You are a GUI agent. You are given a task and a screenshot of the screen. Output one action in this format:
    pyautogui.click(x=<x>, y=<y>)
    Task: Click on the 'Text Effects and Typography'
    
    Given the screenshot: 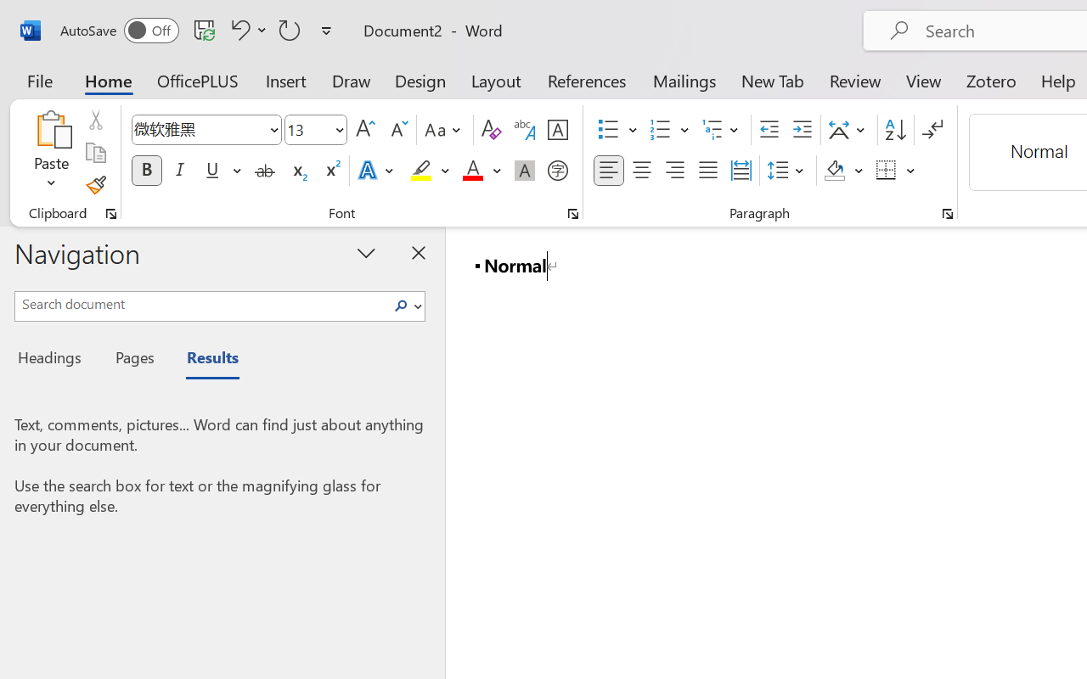 What is the action you would take?
    pyautogui.click(x=376, y=171)
    